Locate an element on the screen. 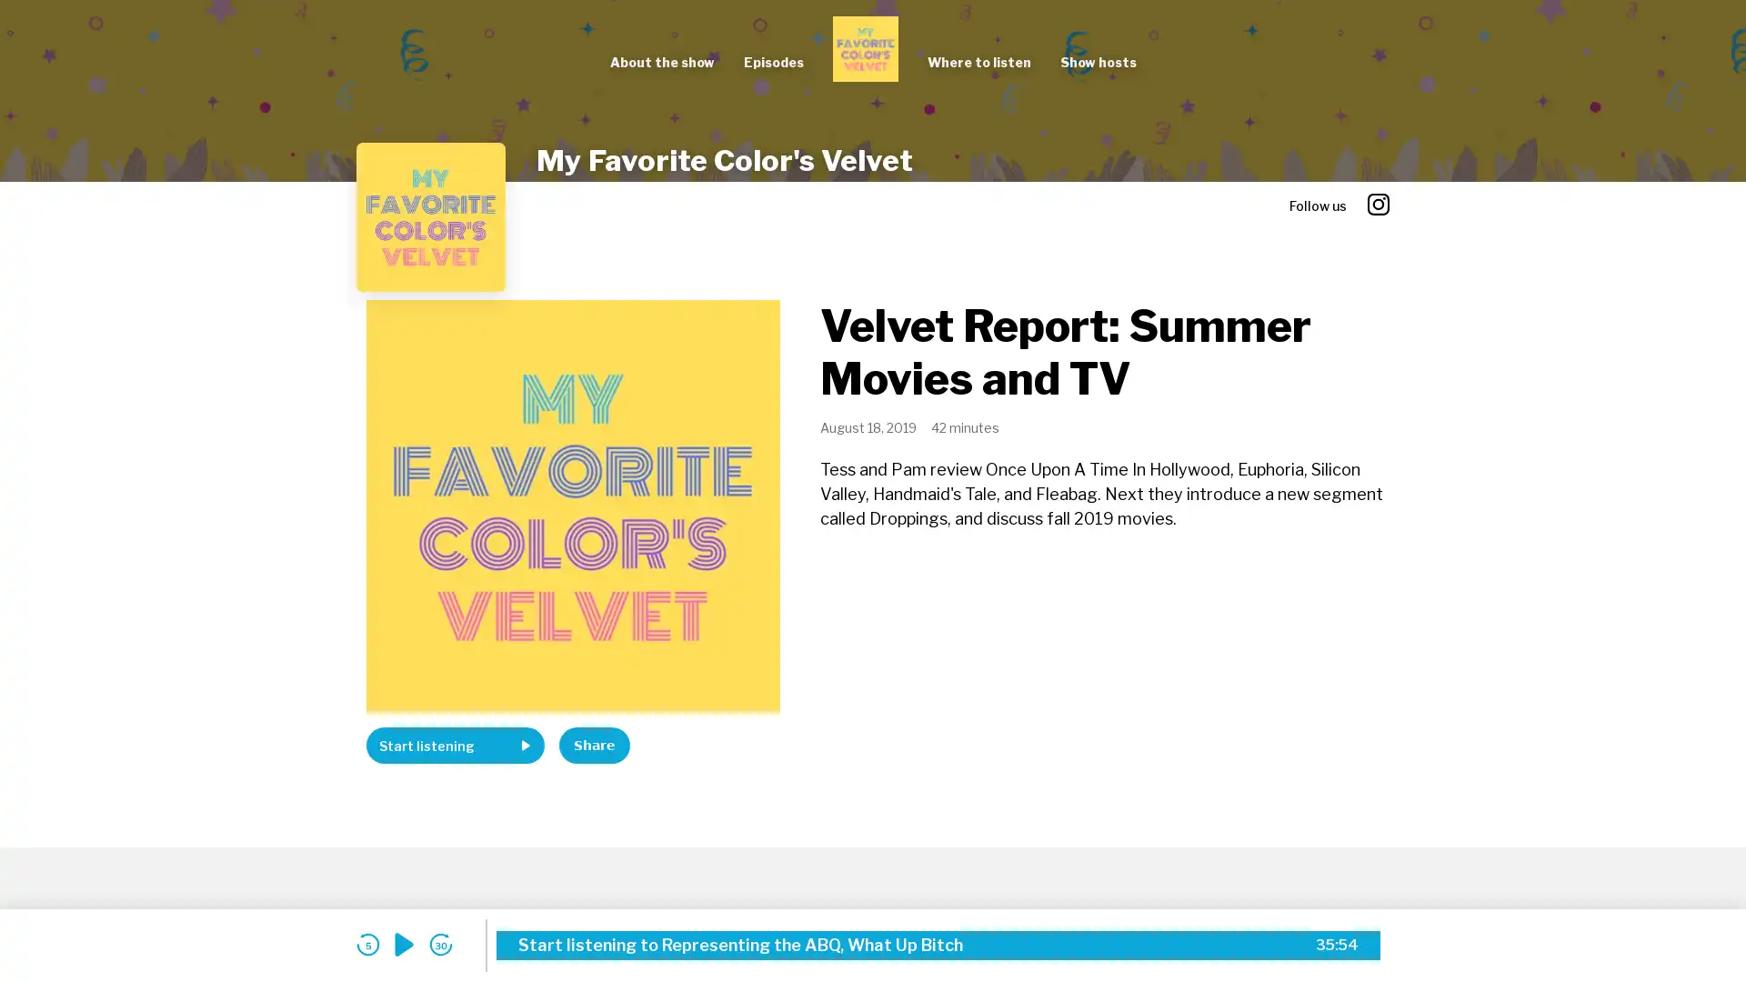  Share is located at coordinates (594, 746).